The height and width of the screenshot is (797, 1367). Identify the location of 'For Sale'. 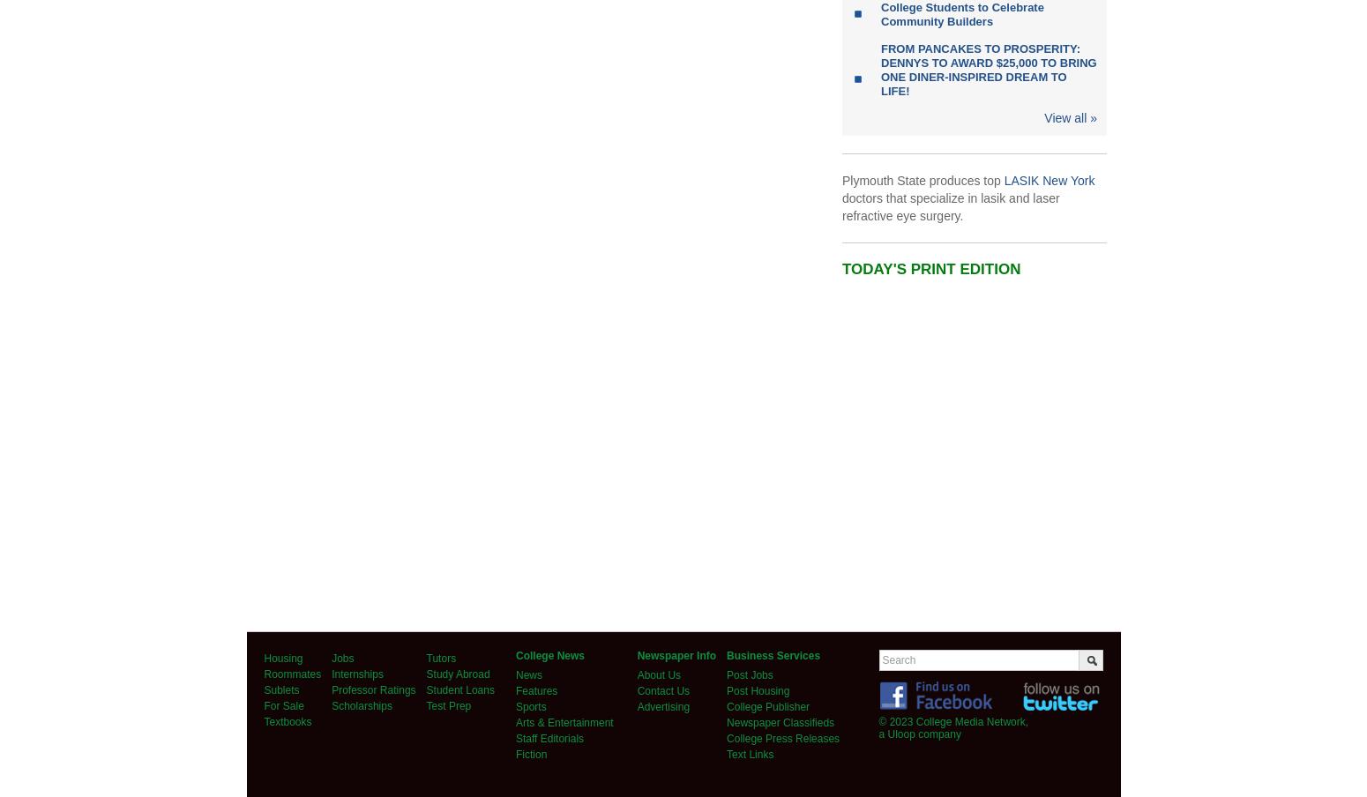
(282, 705).